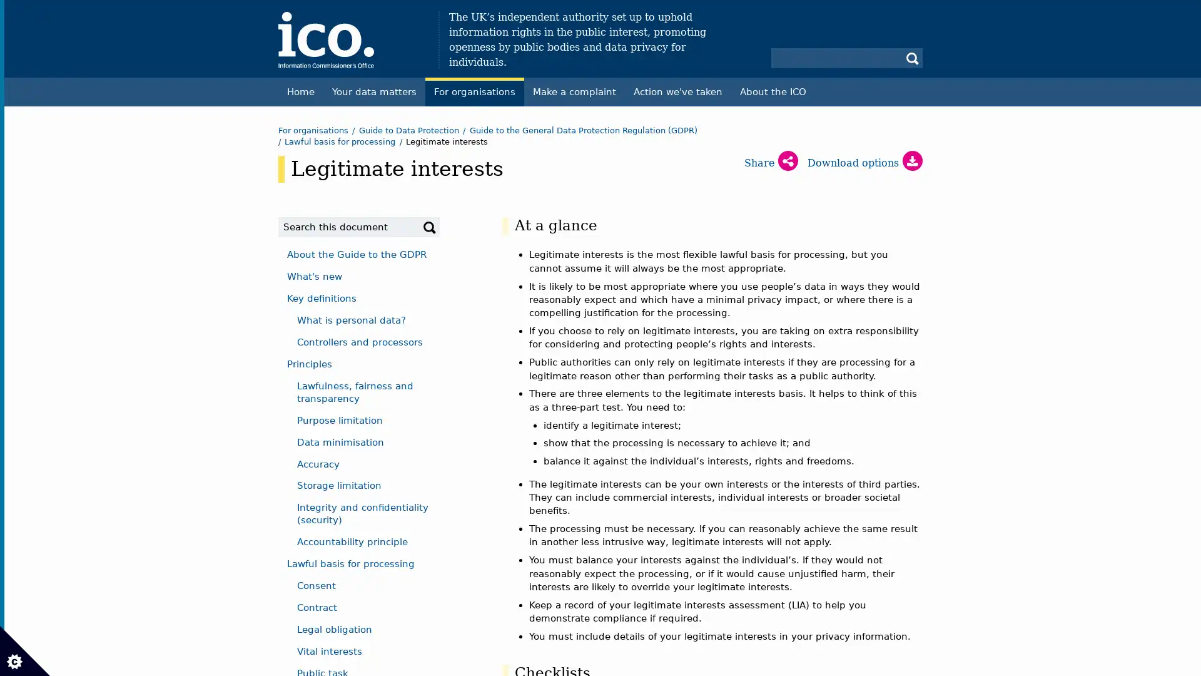  I want to click on Accept all cookies, so click(82, 163).